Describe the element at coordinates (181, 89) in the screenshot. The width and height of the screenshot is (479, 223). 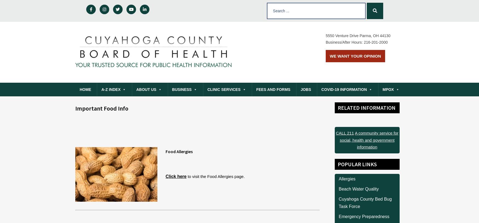
I see `'Business'` at that location.